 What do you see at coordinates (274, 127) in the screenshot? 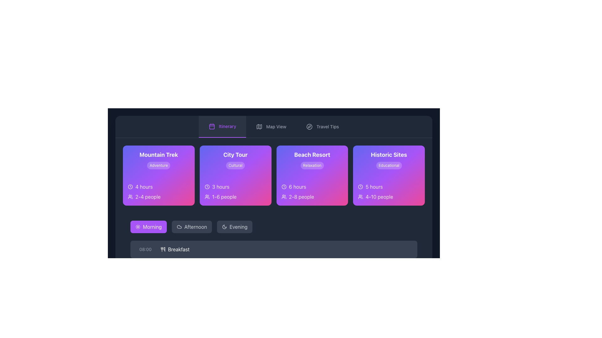
I see `the 'Map View' button in the Tab Navigation` at bounding box center [274, 127].